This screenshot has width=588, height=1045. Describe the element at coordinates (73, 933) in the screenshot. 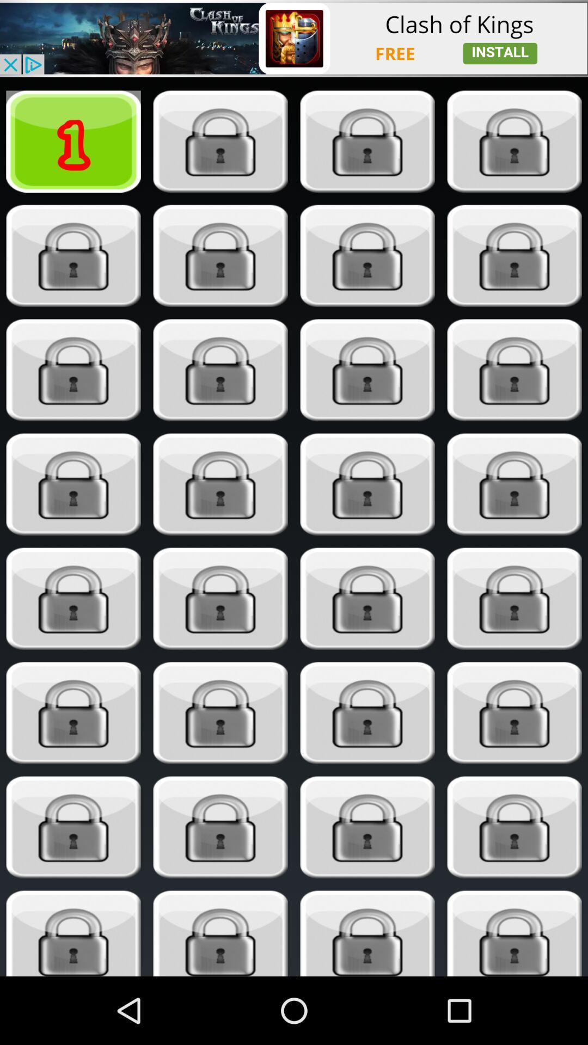

I see `look here` at that location.